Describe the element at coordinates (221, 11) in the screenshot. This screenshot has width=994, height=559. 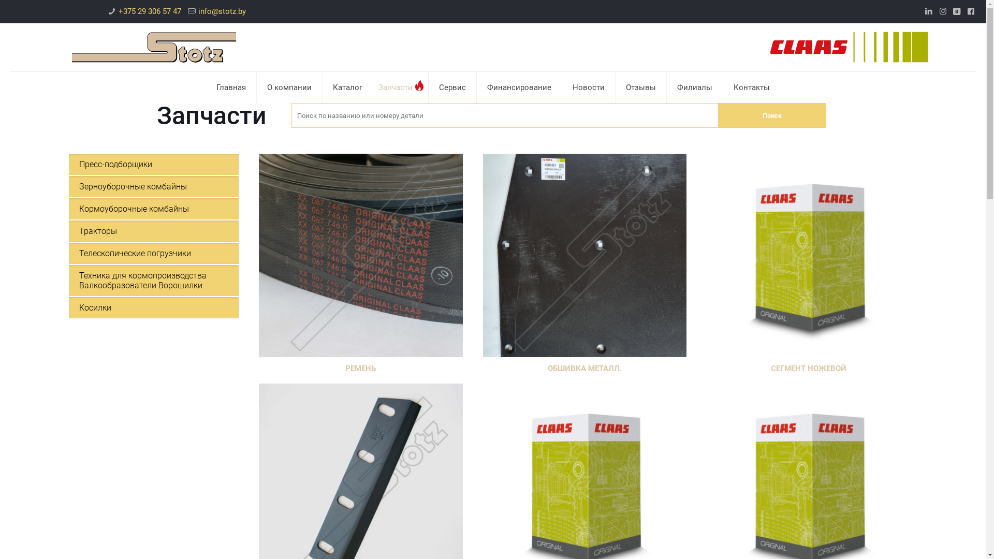
I see `'info@stotz.by'` at that location.